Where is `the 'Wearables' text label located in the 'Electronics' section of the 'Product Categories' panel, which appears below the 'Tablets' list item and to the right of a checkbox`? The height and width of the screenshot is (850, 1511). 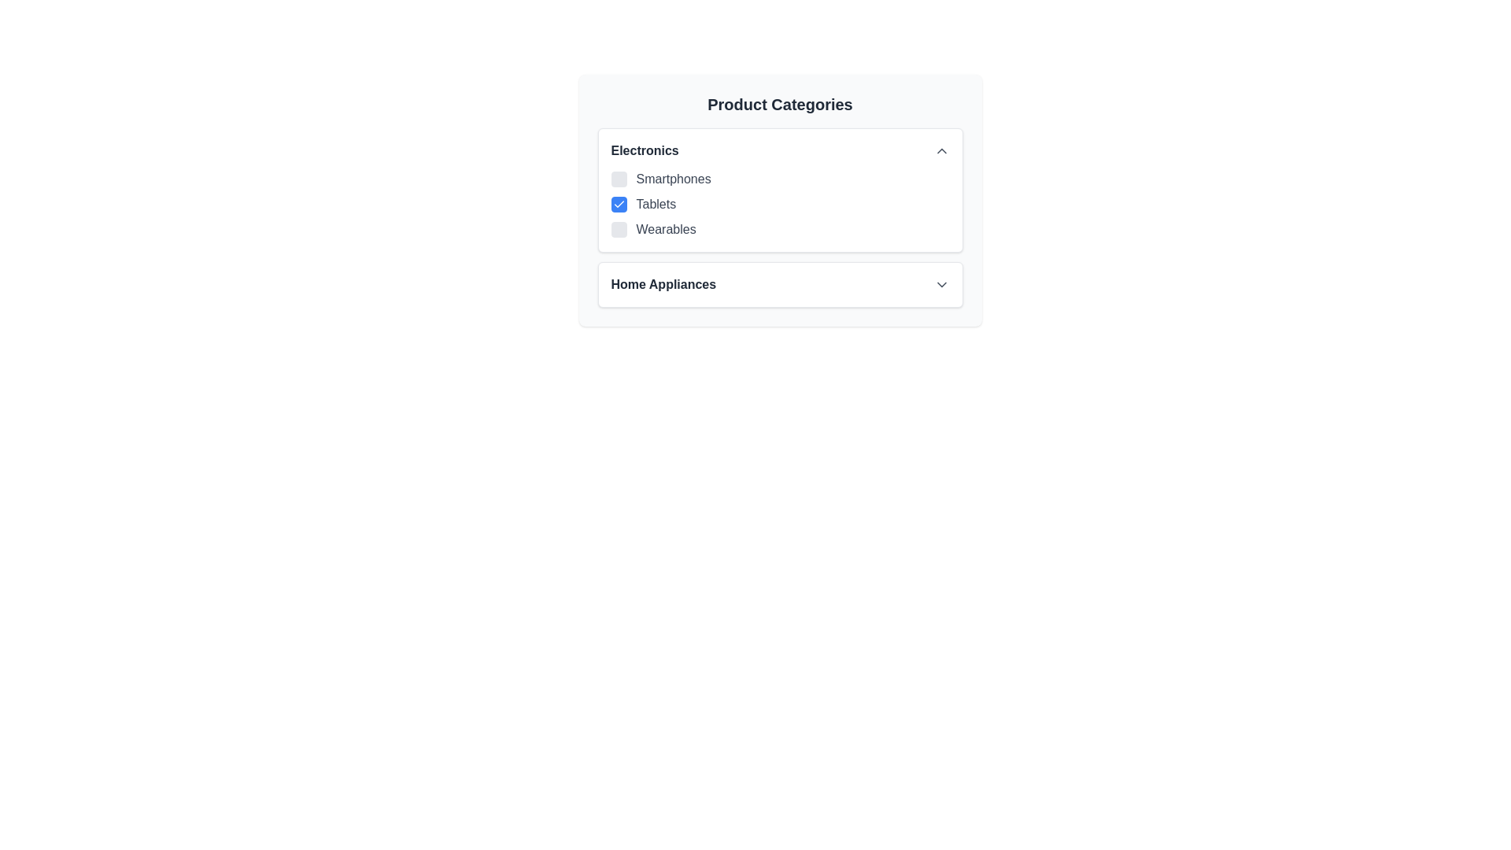 the 'Wearables' text label located in the 'Electronics' section of the 'Product Categories' panel, which appears below the 'Tablets' list item and to the right of a checkbox is located at coordinates (666, 230).